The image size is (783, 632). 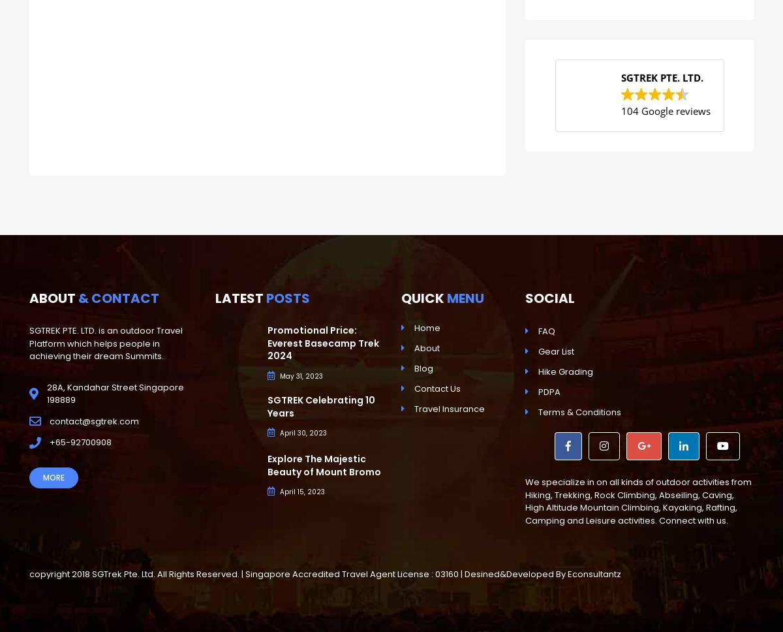 I want to click on 'Econsultantz', so click(x=567, y=573).